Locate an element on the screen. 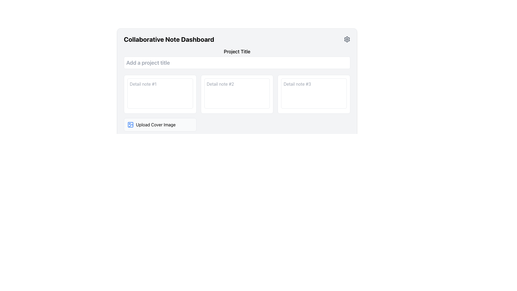 The width and height of the screenshot is (517, 291). the clickable area for file selection located at the bottom left of the grid layout within the main panel, beneath the first column of note entry text areas is located at coordinates (160, 124).